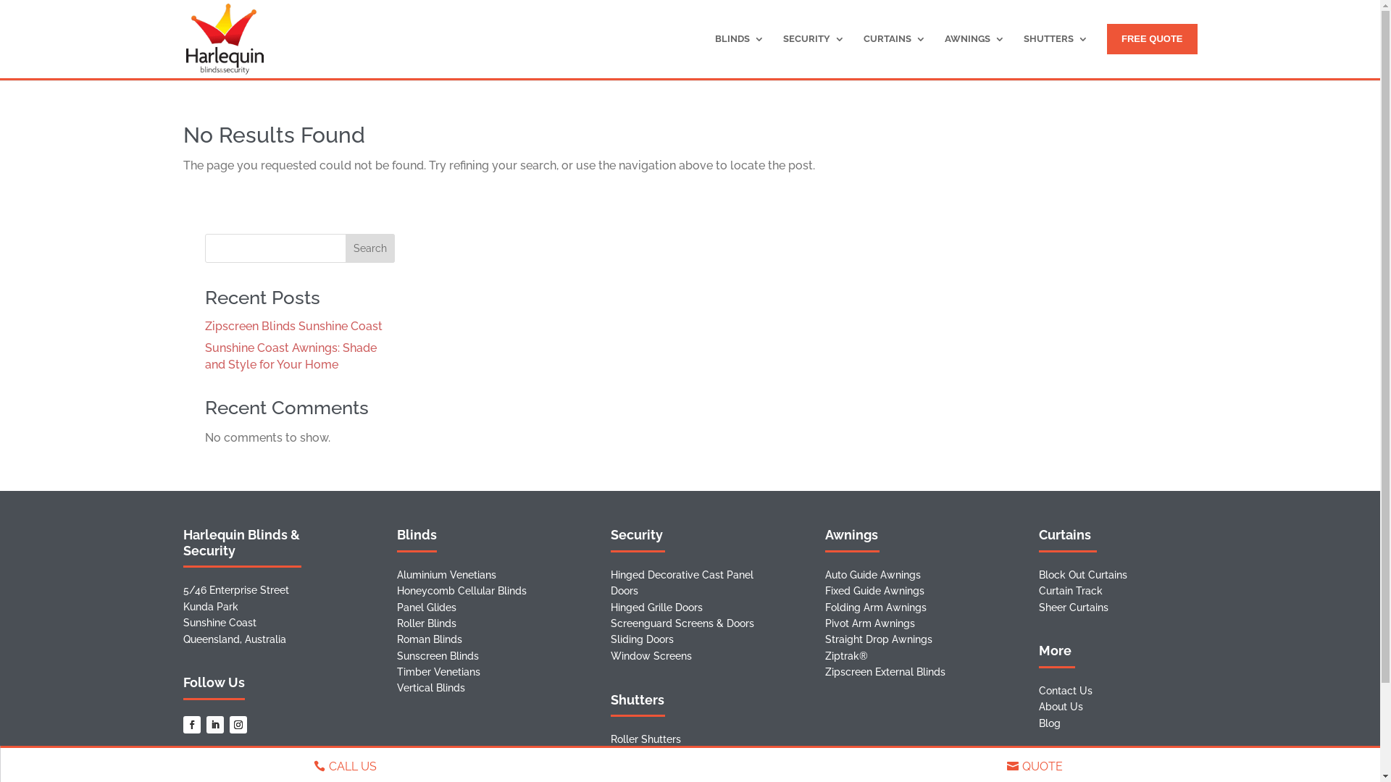 The image size is (1391, 782). I want to click on 'Straight Drop Awnings', so click(878, 639).